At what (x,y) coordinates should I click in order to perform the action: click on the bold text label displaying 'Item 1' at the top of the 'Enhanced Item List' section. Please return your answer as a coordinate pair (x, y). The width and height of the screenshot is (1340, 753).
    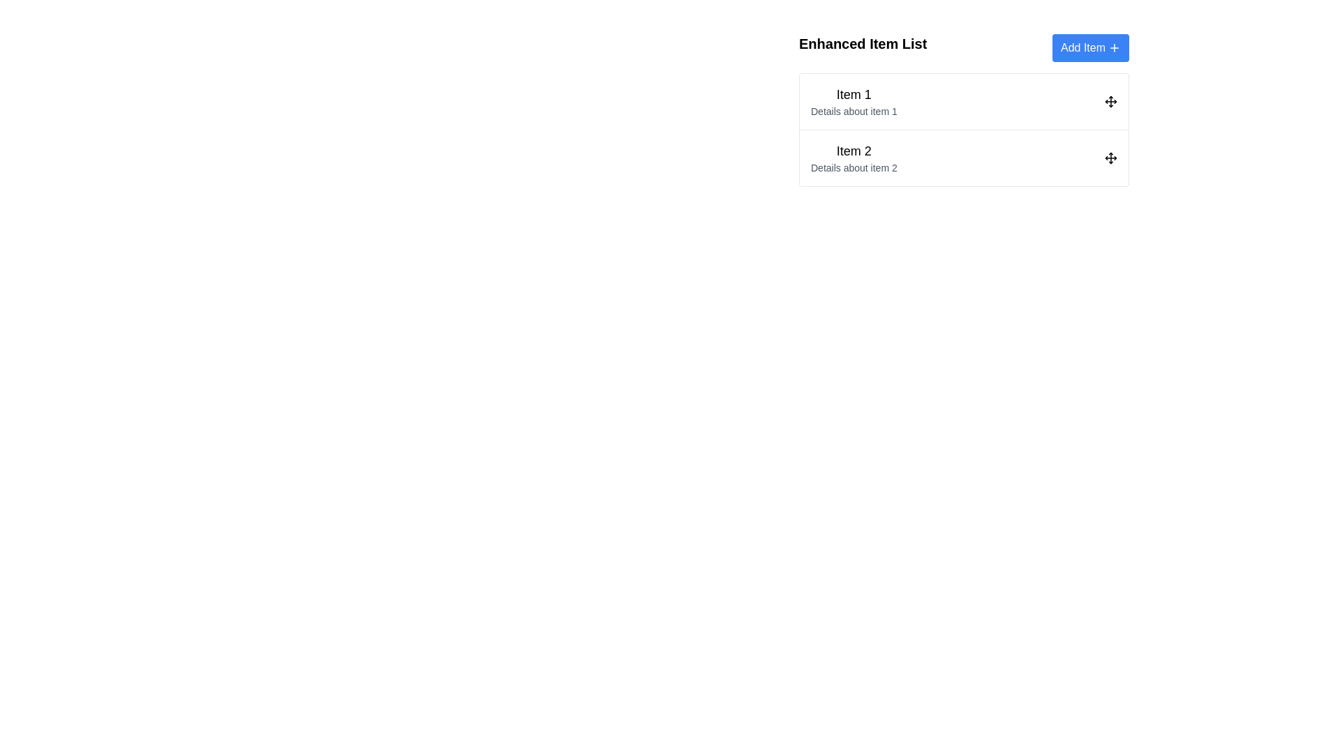
    Looking at the image, I should click on (853, 94).